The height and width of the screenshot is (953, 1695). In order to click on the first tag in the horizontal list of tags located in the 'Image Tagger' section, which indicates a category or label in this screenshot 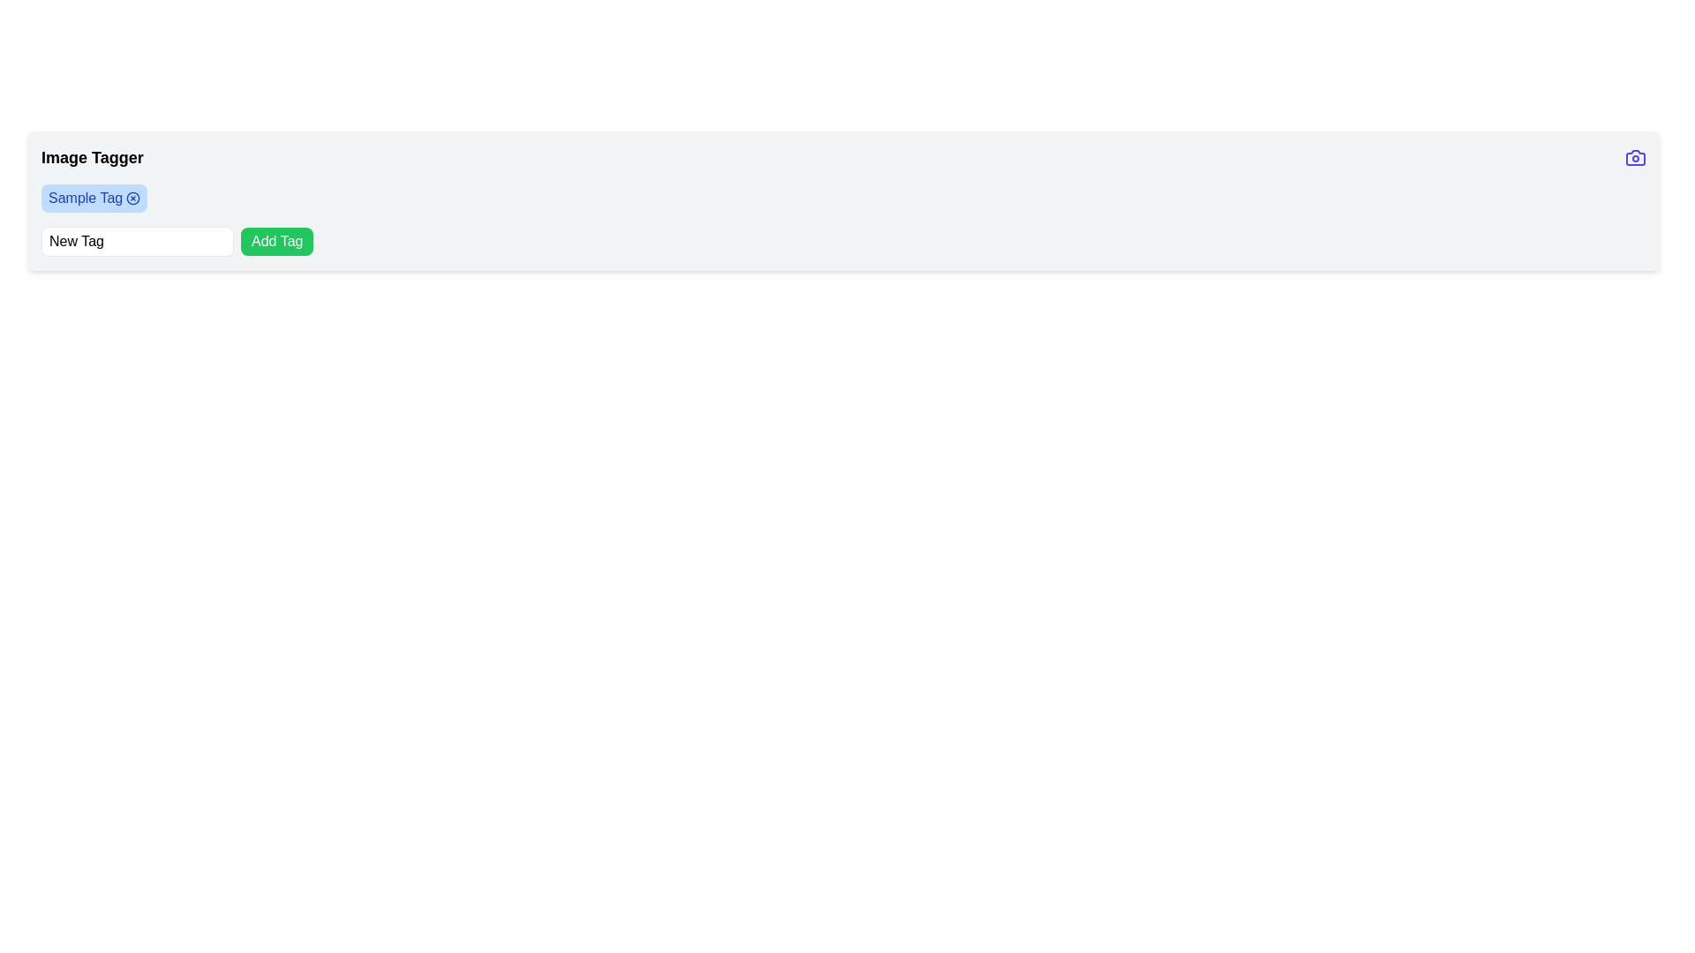, I will do `click(94, 198)`.